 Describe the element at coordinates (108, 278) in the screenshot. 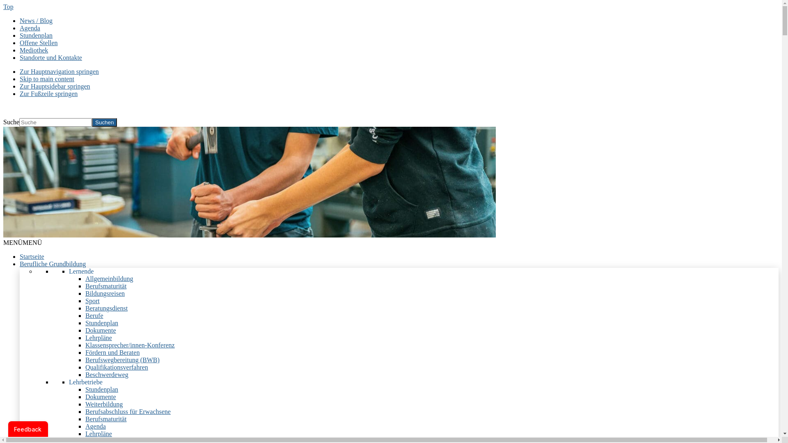

I see `'Allgemeinbildung'` at that location.